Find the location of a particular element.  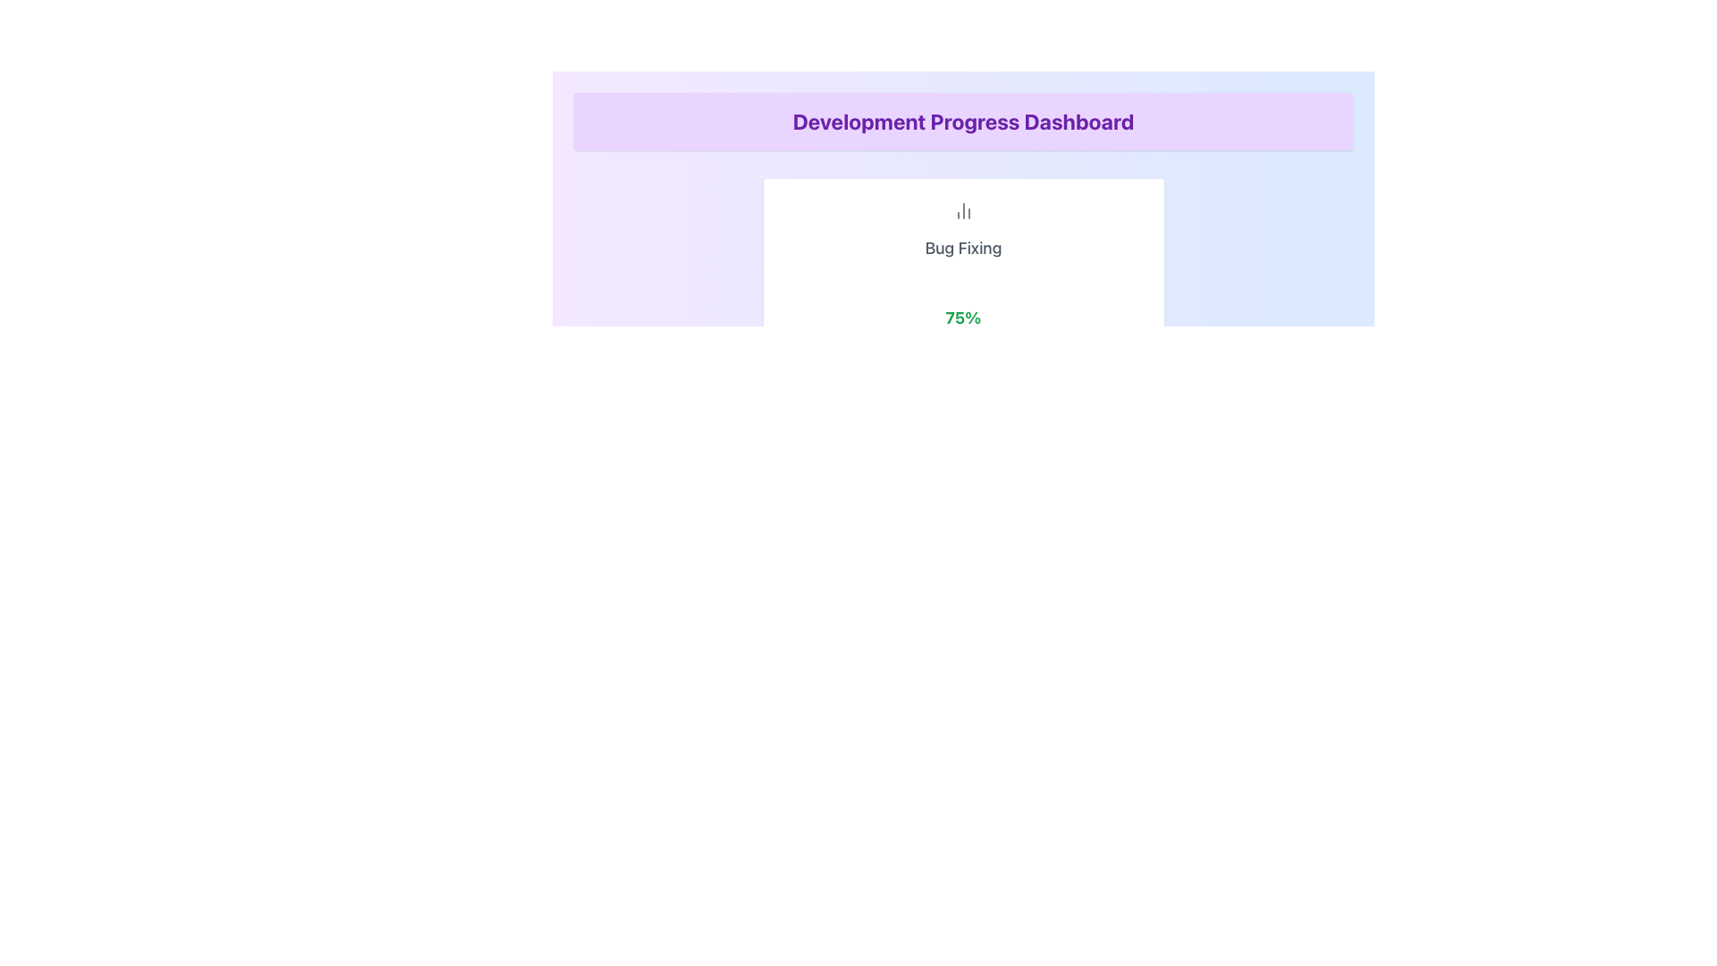

the small chart icon located at the top of the 'Bug Fixing' card, which is centered on the card above the text 'Bug Fixing' and '75%' is located at coordinates (962, 209).